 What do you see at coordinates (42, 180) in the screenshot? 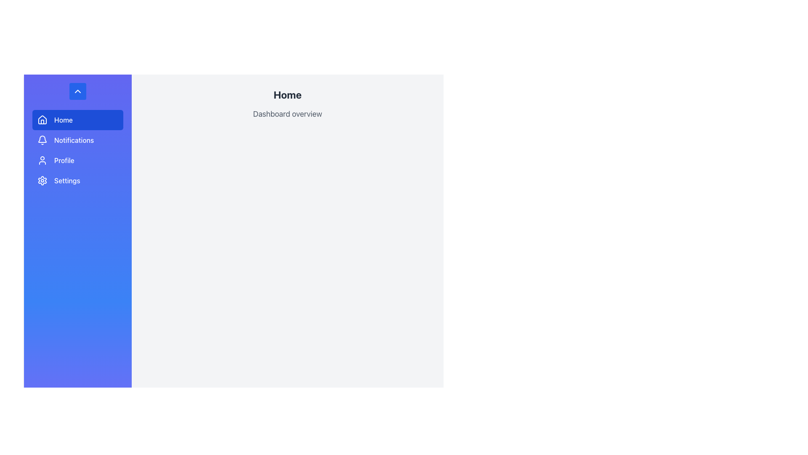
I see `the gear-shaped icon with a blue background and white outline located in the left-hand navigation menu, adjacent to the text 'Settings'` at bounding box center [42, 180].